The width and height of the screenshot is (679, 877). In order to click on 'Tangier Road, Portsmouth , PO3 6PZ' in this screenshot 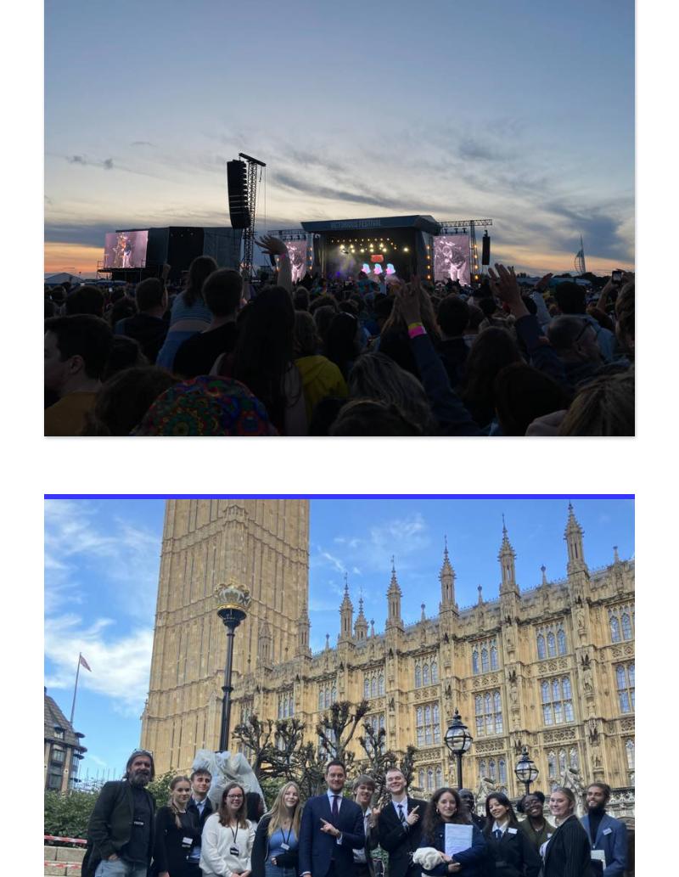, I will do `click(167, 551)`.